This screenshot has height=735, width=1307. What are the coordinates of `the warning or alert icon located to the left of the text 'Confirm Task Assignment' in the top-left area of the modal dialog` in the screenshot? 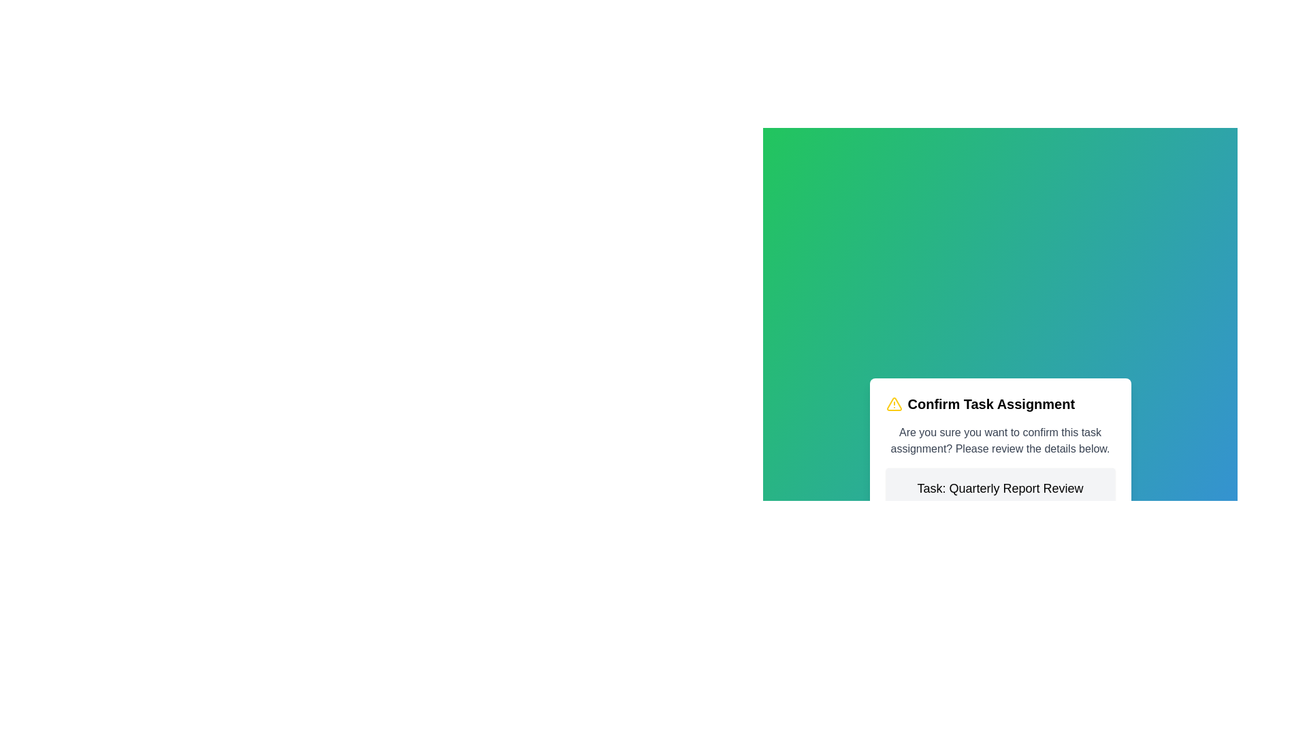 It's located at (894, 404).